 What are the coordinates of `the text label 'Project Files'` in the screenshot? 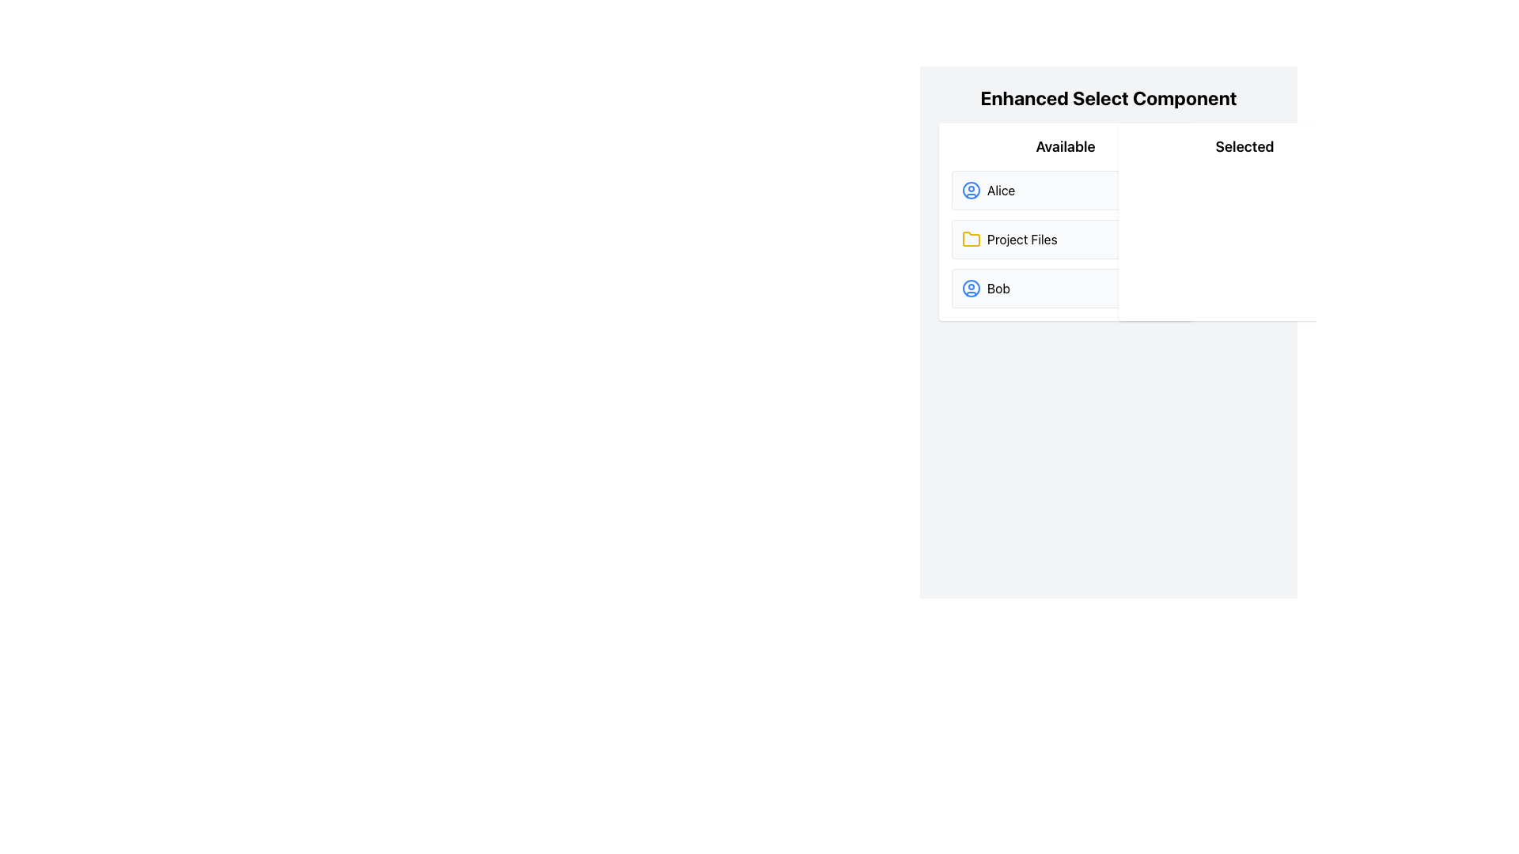 It's located at (1021, 240).